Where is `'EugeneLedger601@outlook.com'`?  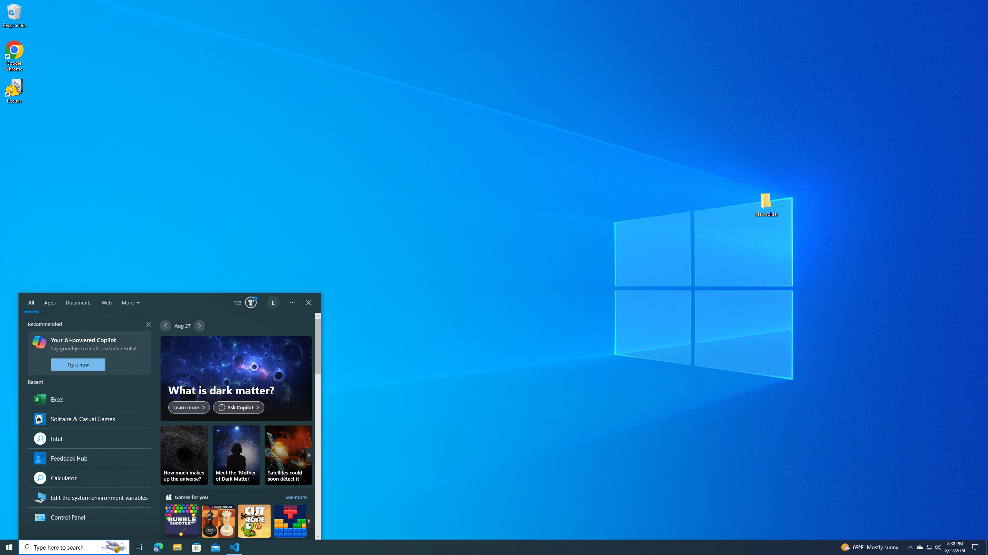 'EugeneLedger601@outlook.com' is located at coordinates (274, 303).